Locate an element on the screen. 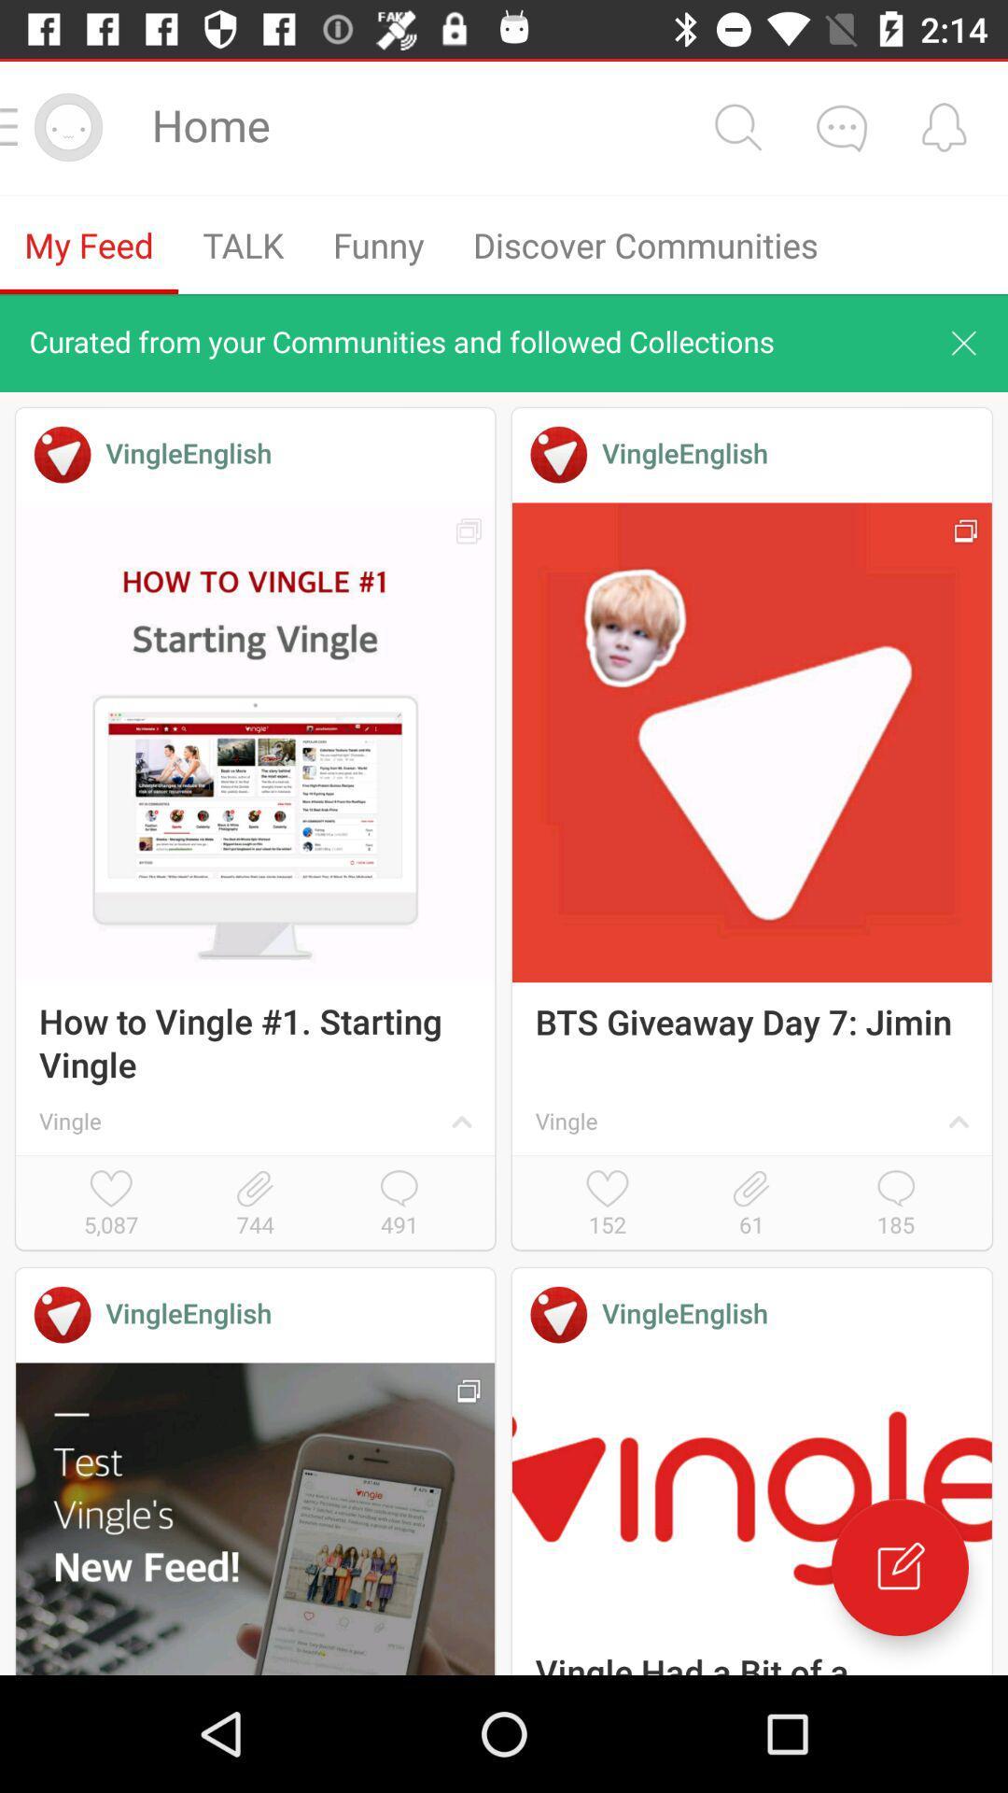 The image size is (1008, 1793). settings option is located at coordinates (736, 126).